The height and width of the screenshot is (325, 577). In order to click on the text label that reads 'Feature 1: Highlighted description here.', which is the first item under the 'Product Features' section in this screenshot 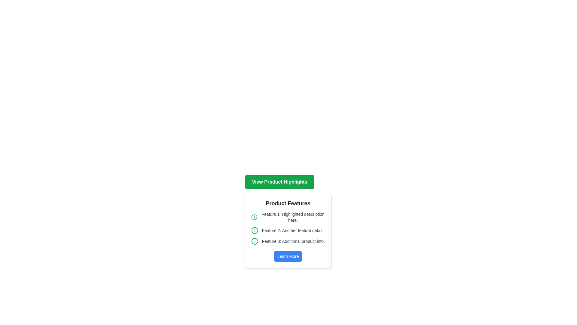, I will do `click(293, 217)`.